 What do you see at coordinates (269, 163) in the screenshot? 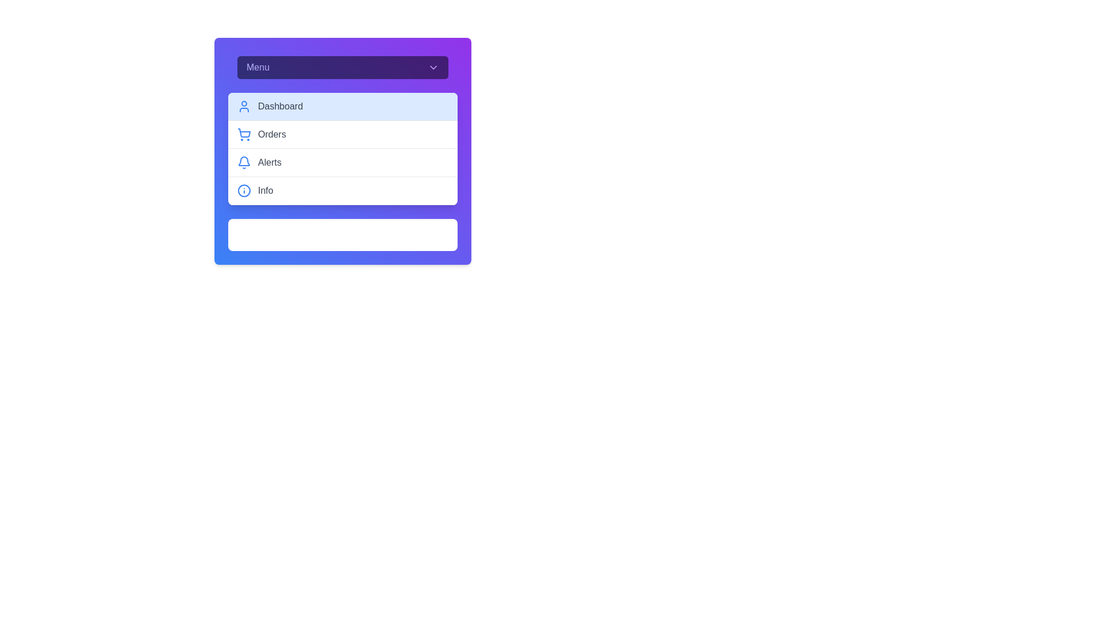
I see `the text label 'Alerts' that is styled in gray and aligned to the right of the bell icon in the vertical menu list` at bounding box center [269, 163].